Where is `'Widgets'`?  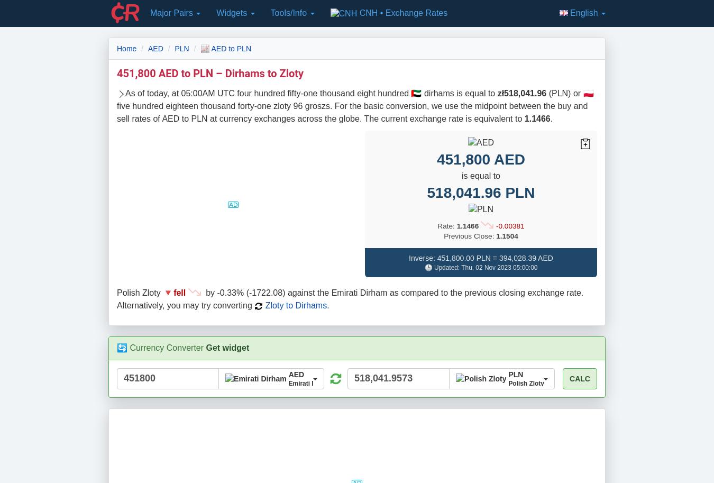 'Widgets' is located at coordinates (232, 13).